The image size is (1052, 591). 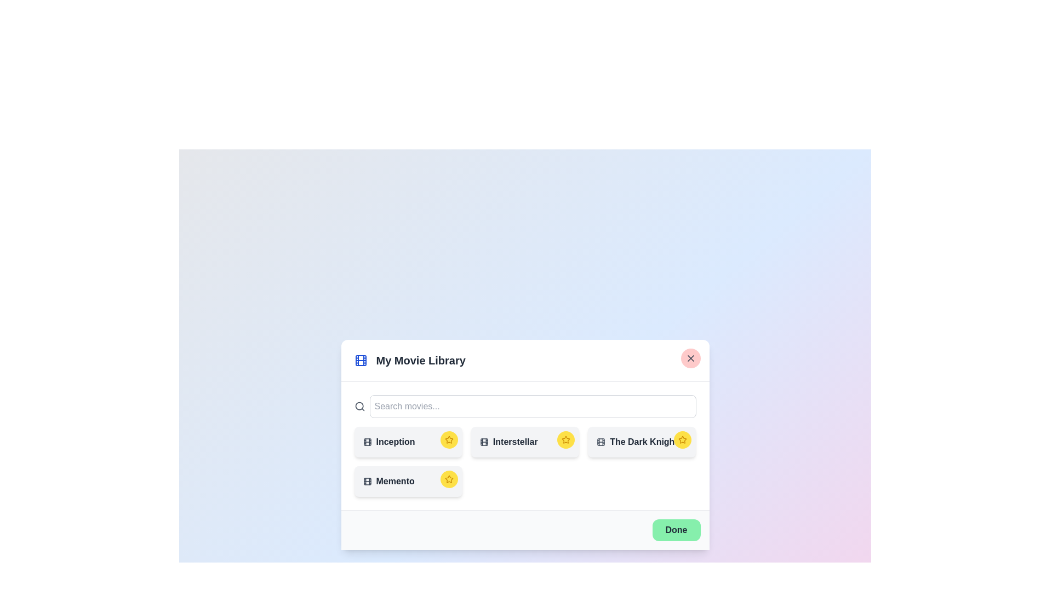 What do you see at coordinates (676, 529) in the screenshot?
I see `the 'Done' button, which is a rectangular button with rounded corners and a green background, located at the bottom-right of the modal window` at bounding box center [676, 529].